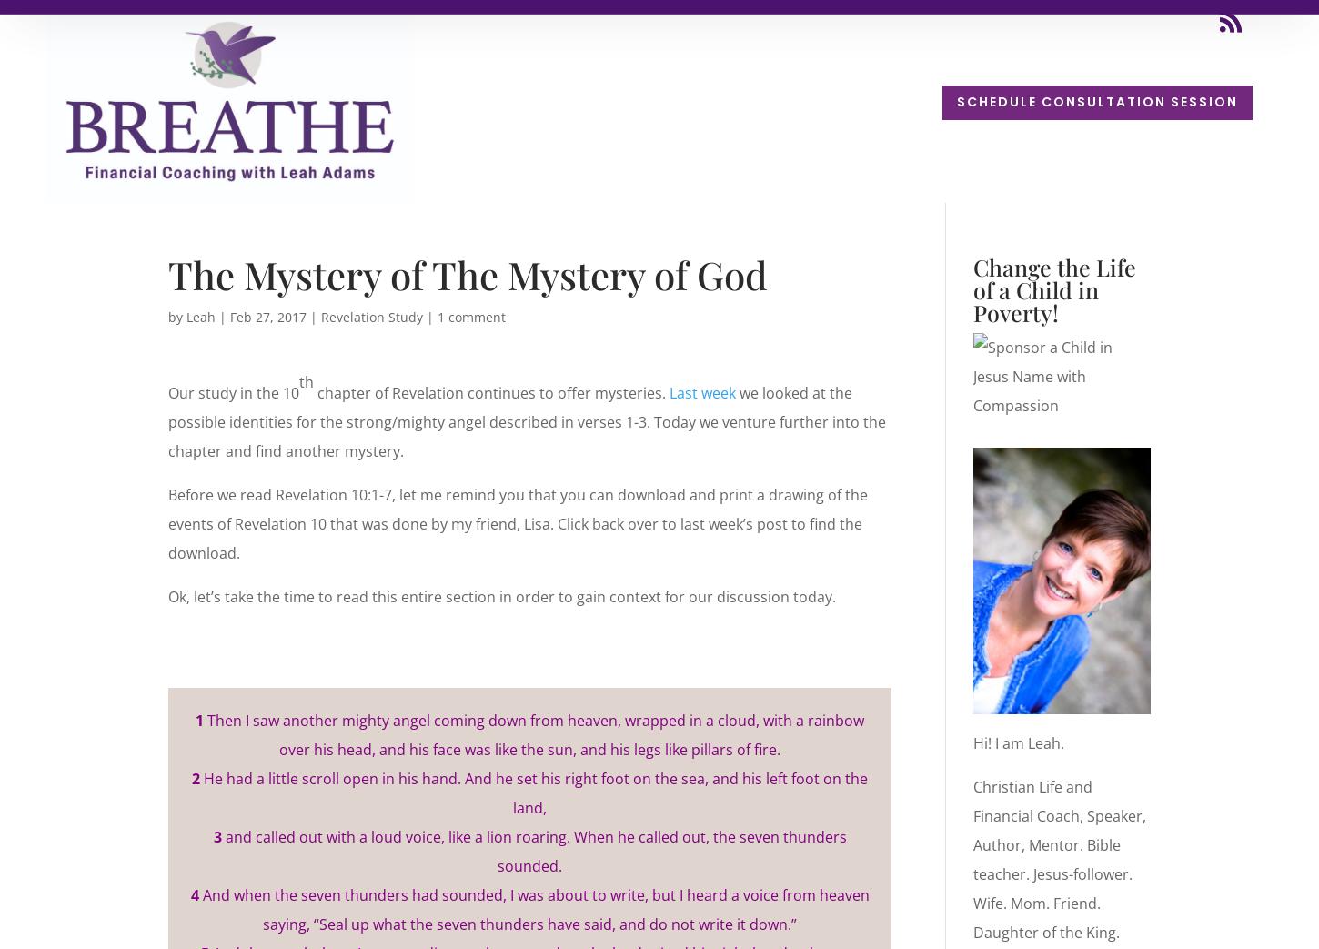 Image resolution: width=1319 pixels, height=949 pixels. I want to click on 'Hi!  I am Leah.', so click(1016, 742).